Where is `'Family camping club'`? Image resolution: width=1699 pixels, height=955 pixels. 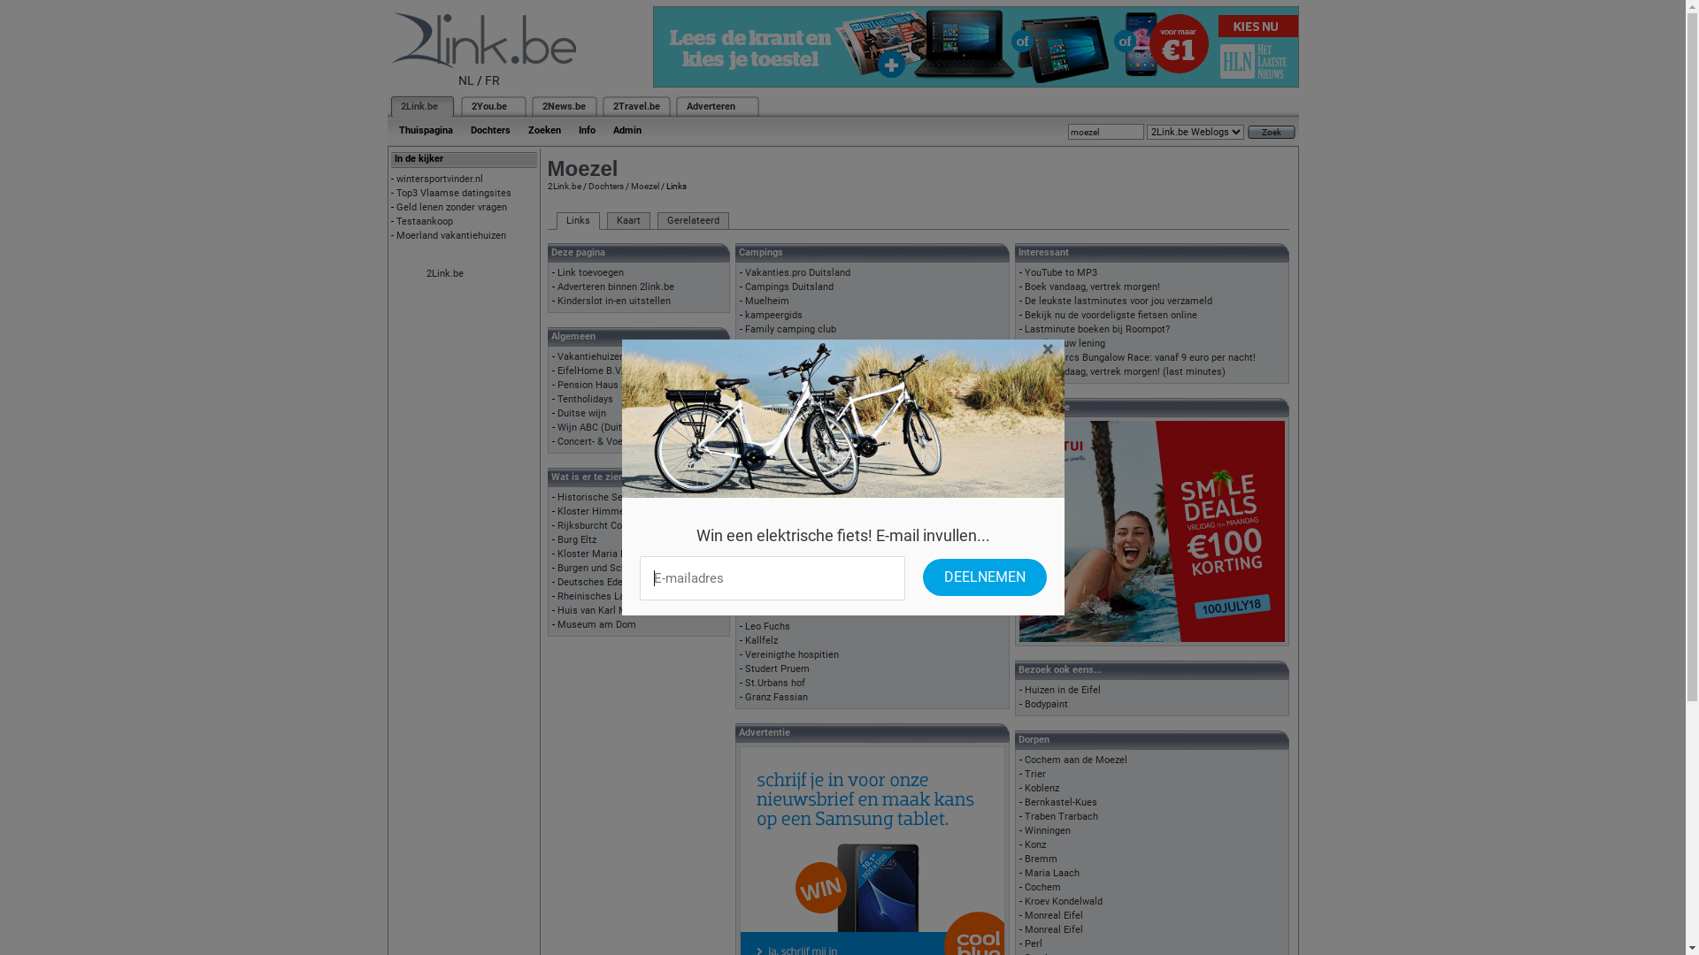 'Family camping club' is located at coordinates (789, 329).